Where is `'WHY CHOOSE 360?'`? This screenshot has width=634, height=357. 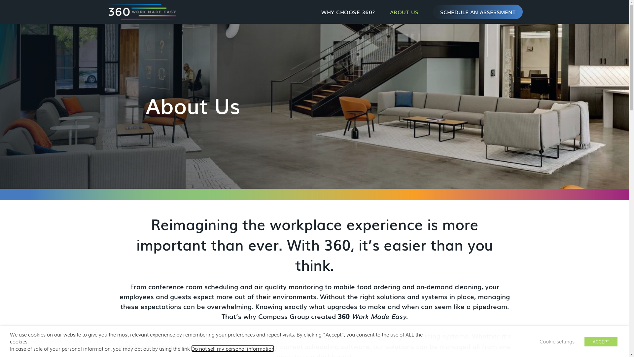 'WHY CHOOSE 360?' is located at coordinates (313, 12).